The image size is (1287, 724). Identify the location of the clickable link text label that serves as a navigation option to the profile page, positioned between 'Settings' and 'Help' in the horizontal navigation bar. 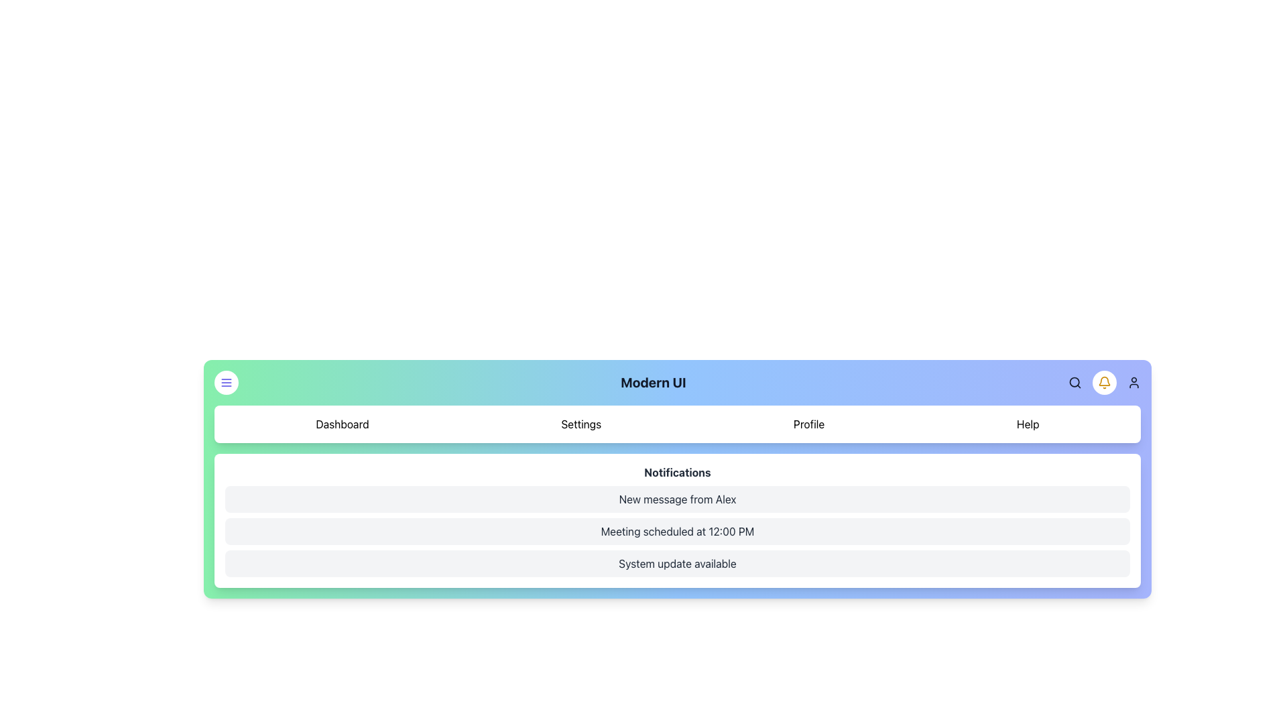
(808, 424).